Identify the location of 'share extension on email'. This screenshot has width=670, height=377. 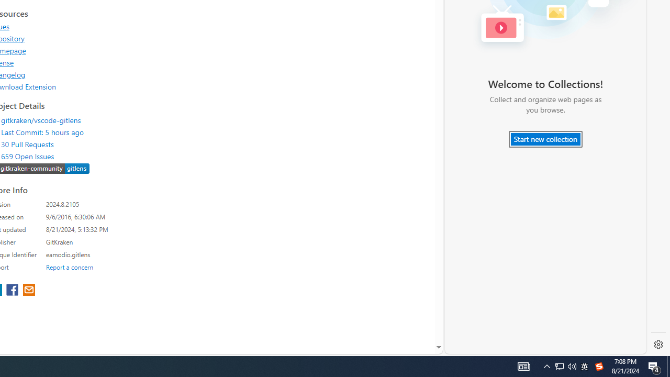
(29, 291).